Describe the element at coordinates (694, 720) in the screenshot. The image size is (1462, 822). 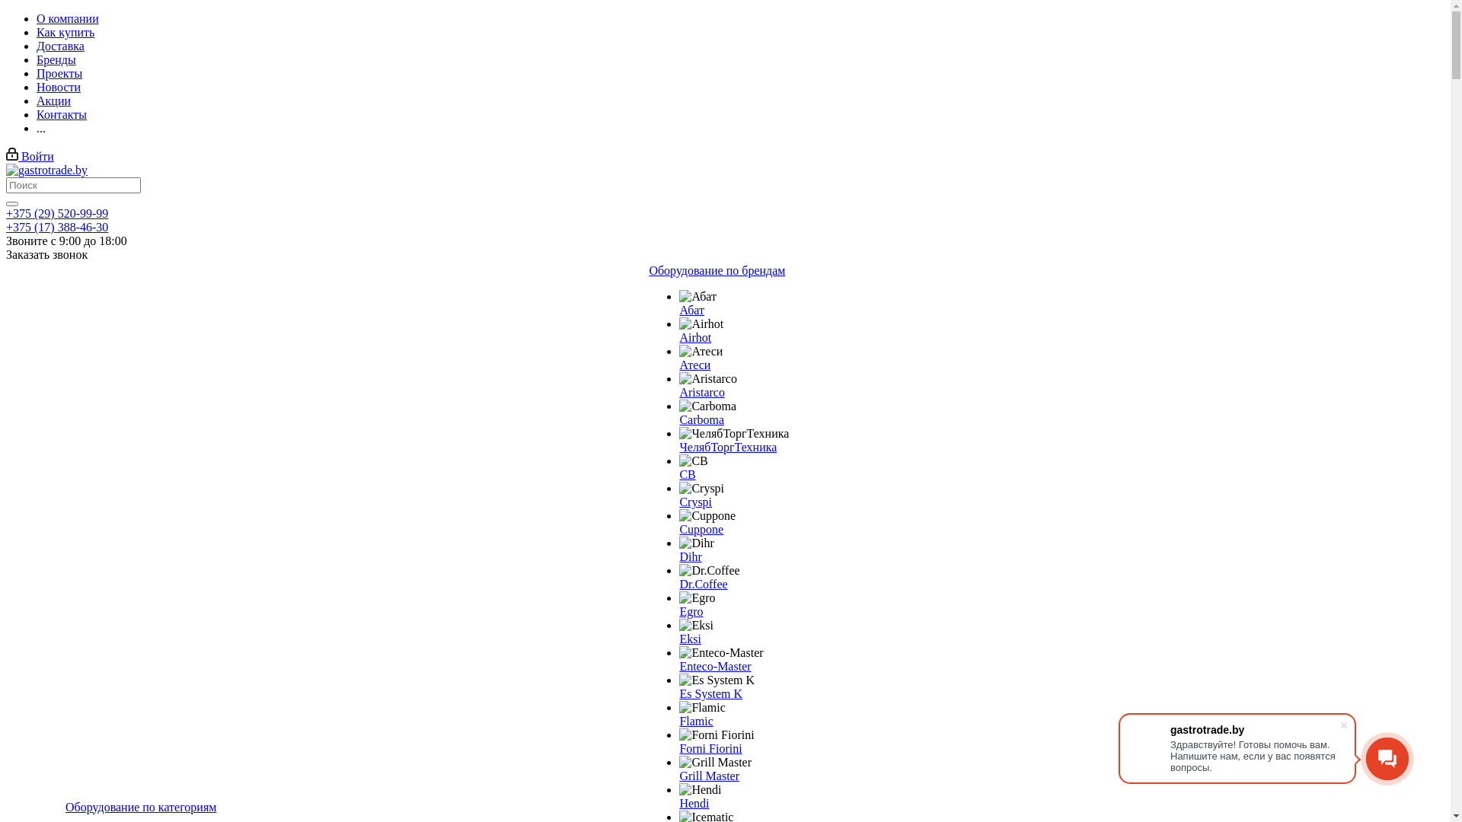
I see `'Flamic'` at that location.